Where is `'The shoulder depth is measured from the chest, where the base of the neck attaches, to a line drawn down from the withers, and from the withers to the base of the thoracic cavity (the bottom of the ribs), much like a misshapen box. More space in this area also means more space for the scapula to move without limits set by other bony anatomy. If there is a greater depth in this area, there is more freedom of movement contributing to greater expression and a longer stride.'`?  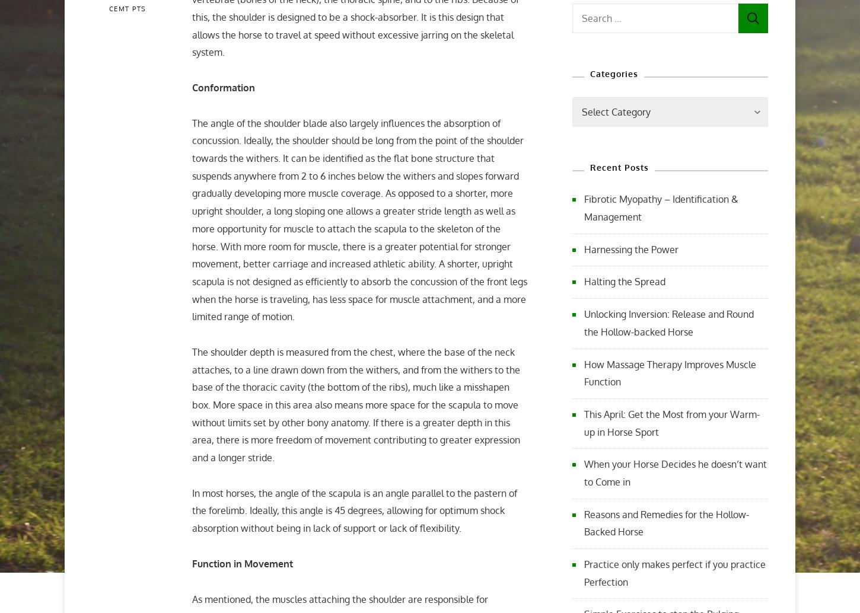 'The shoulder depth is measured from the chest, where the base of the neck attaches, to a line drawn down from the withers, and from the withers to the base of the thoracic cavity (the bottom of the ribs), much like a misshapen box. More space in this area also means more space for the scapula to move without limits set by other bony anatomy. If there is a greater depth in this area, there is more freedom of movement contributing to greater expression and a longer stride.' is located at coordinates (356, 404).